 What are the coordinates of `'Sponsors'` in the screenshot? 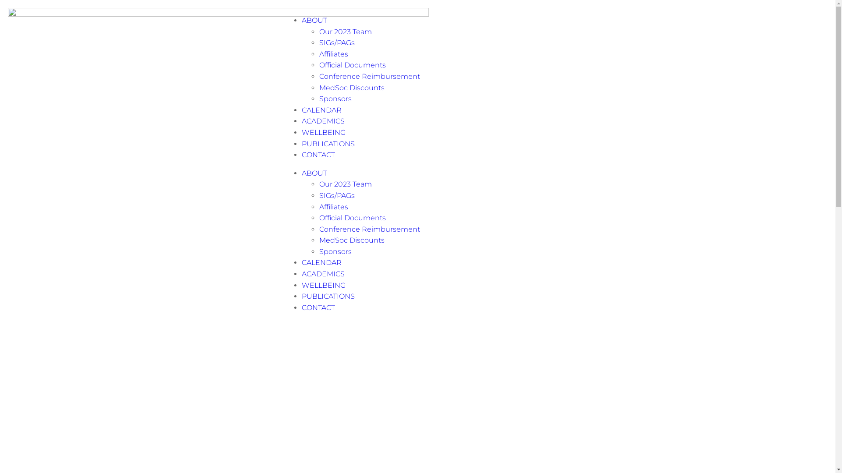 It's located at (335, 99).